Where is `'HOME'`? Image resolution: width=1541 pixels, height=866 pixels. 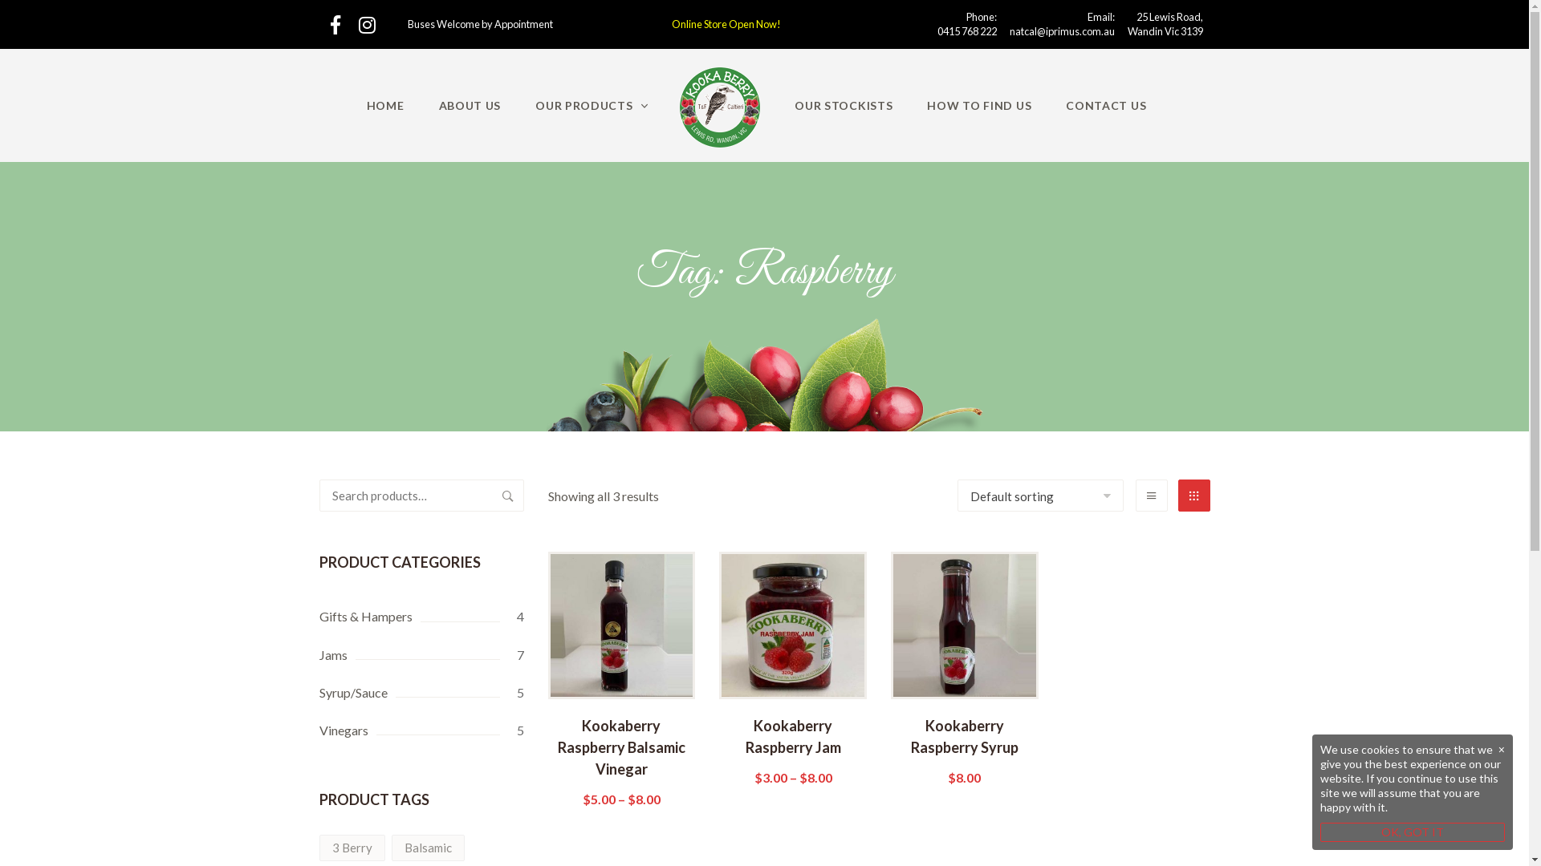 'HOME' is located at coordinates (385, 105).